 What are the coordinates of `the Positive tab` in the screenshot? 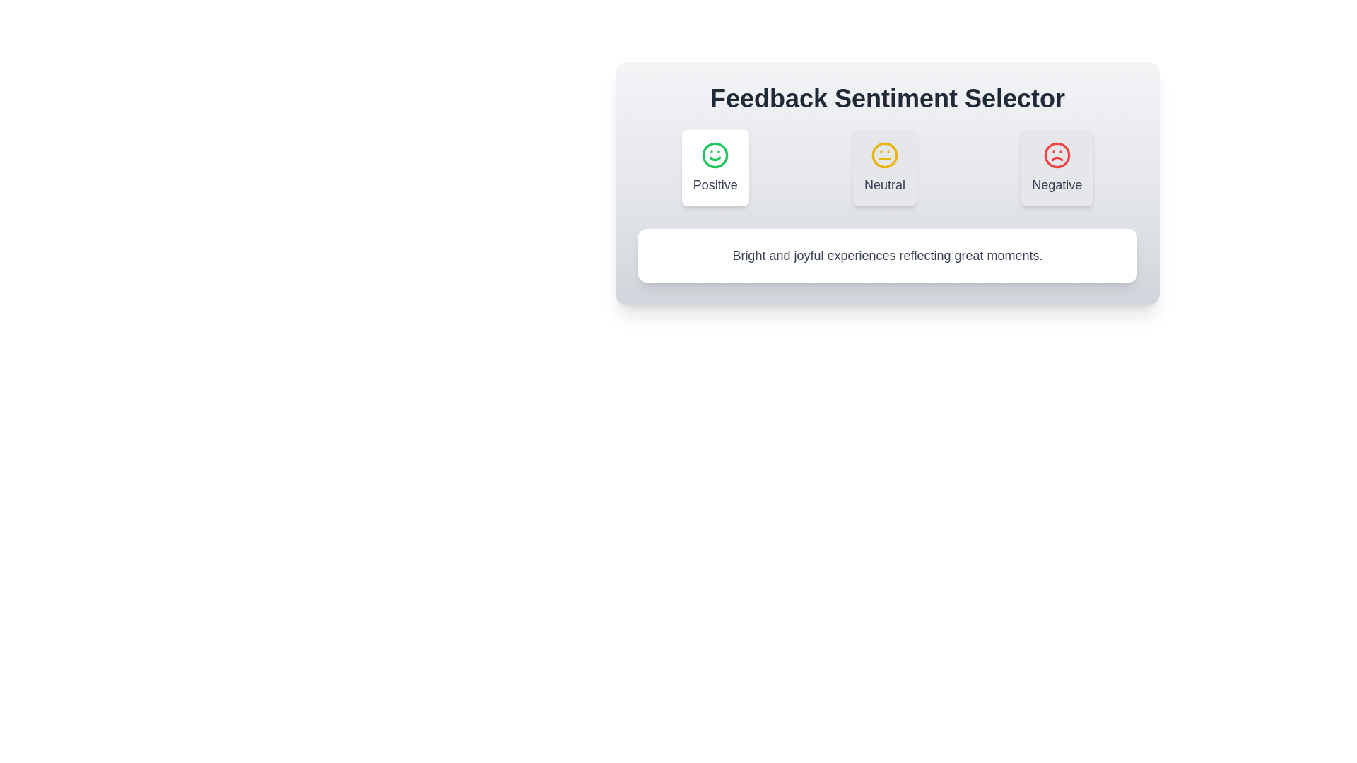 It's located at (715, 167).